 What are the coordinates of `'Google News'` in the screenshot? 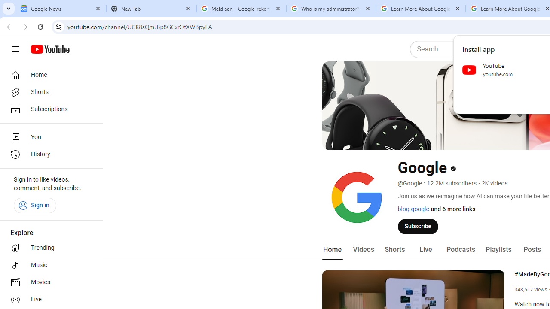 It's located at (61, 9).